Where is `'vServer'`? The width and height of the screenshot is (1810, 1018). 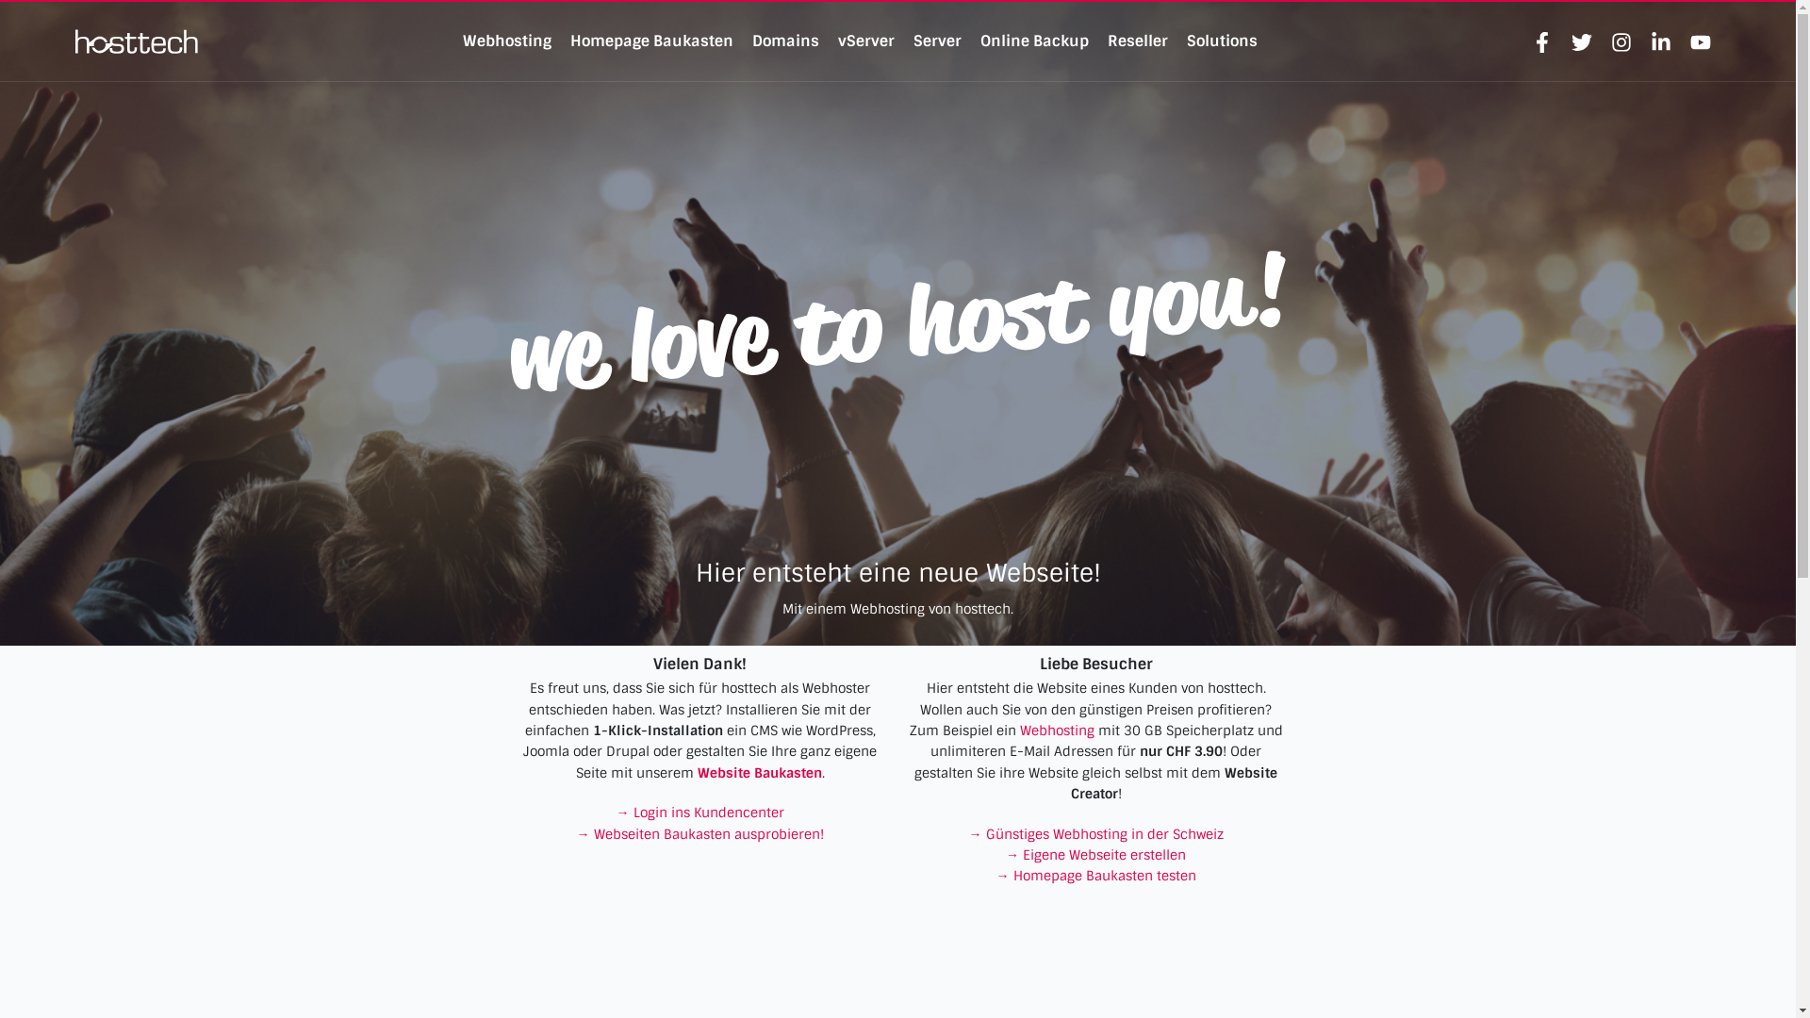 'vServer' is located at coordinates (836, 41).